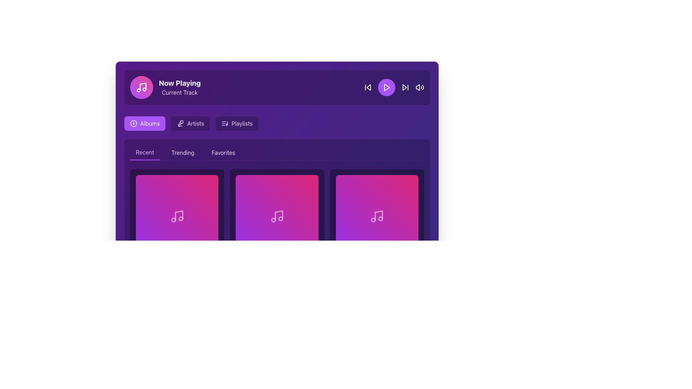 This screenshot has height=389, width=692. I want to click on the decorative square element with a gradient background and a music note icon at its center, located under the 'Recent' tab of the 'Albums' section, specifically the second square from the left in the grid's row, so click(276, 216).